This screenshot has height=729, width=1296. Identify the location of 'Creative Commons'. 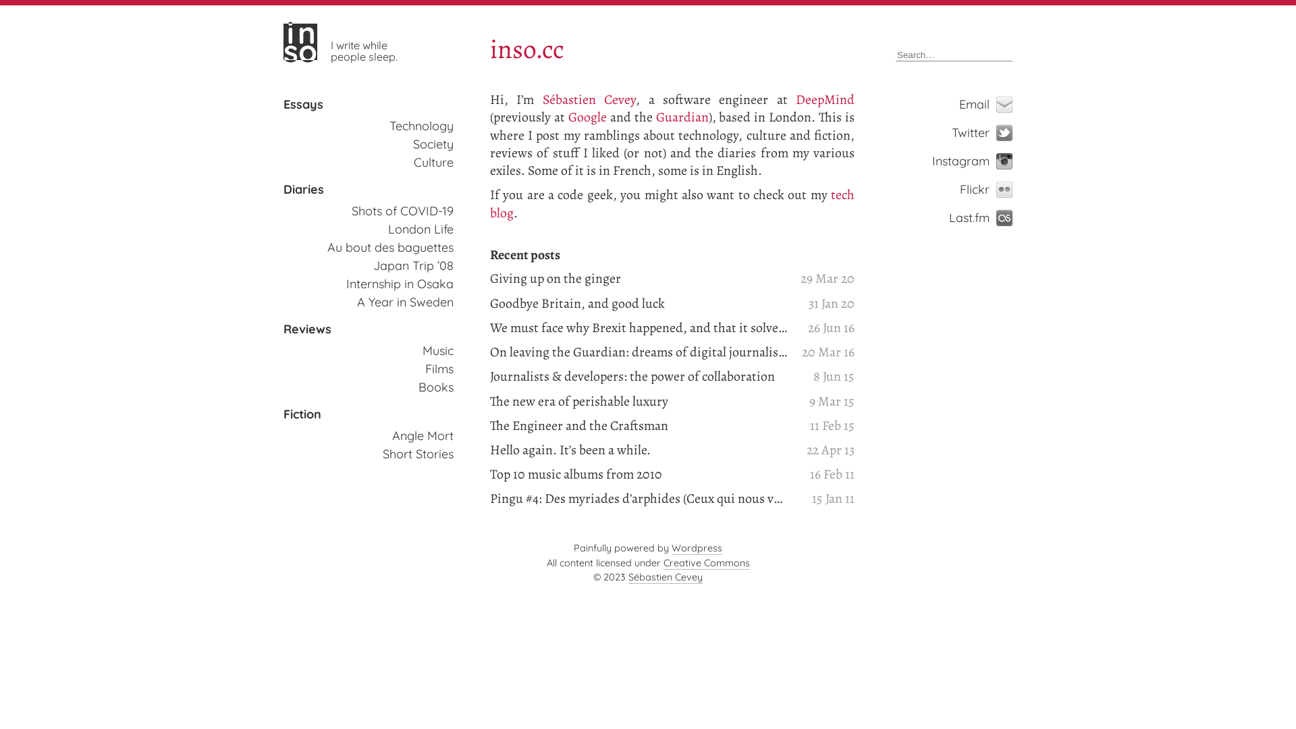
(705, 563).